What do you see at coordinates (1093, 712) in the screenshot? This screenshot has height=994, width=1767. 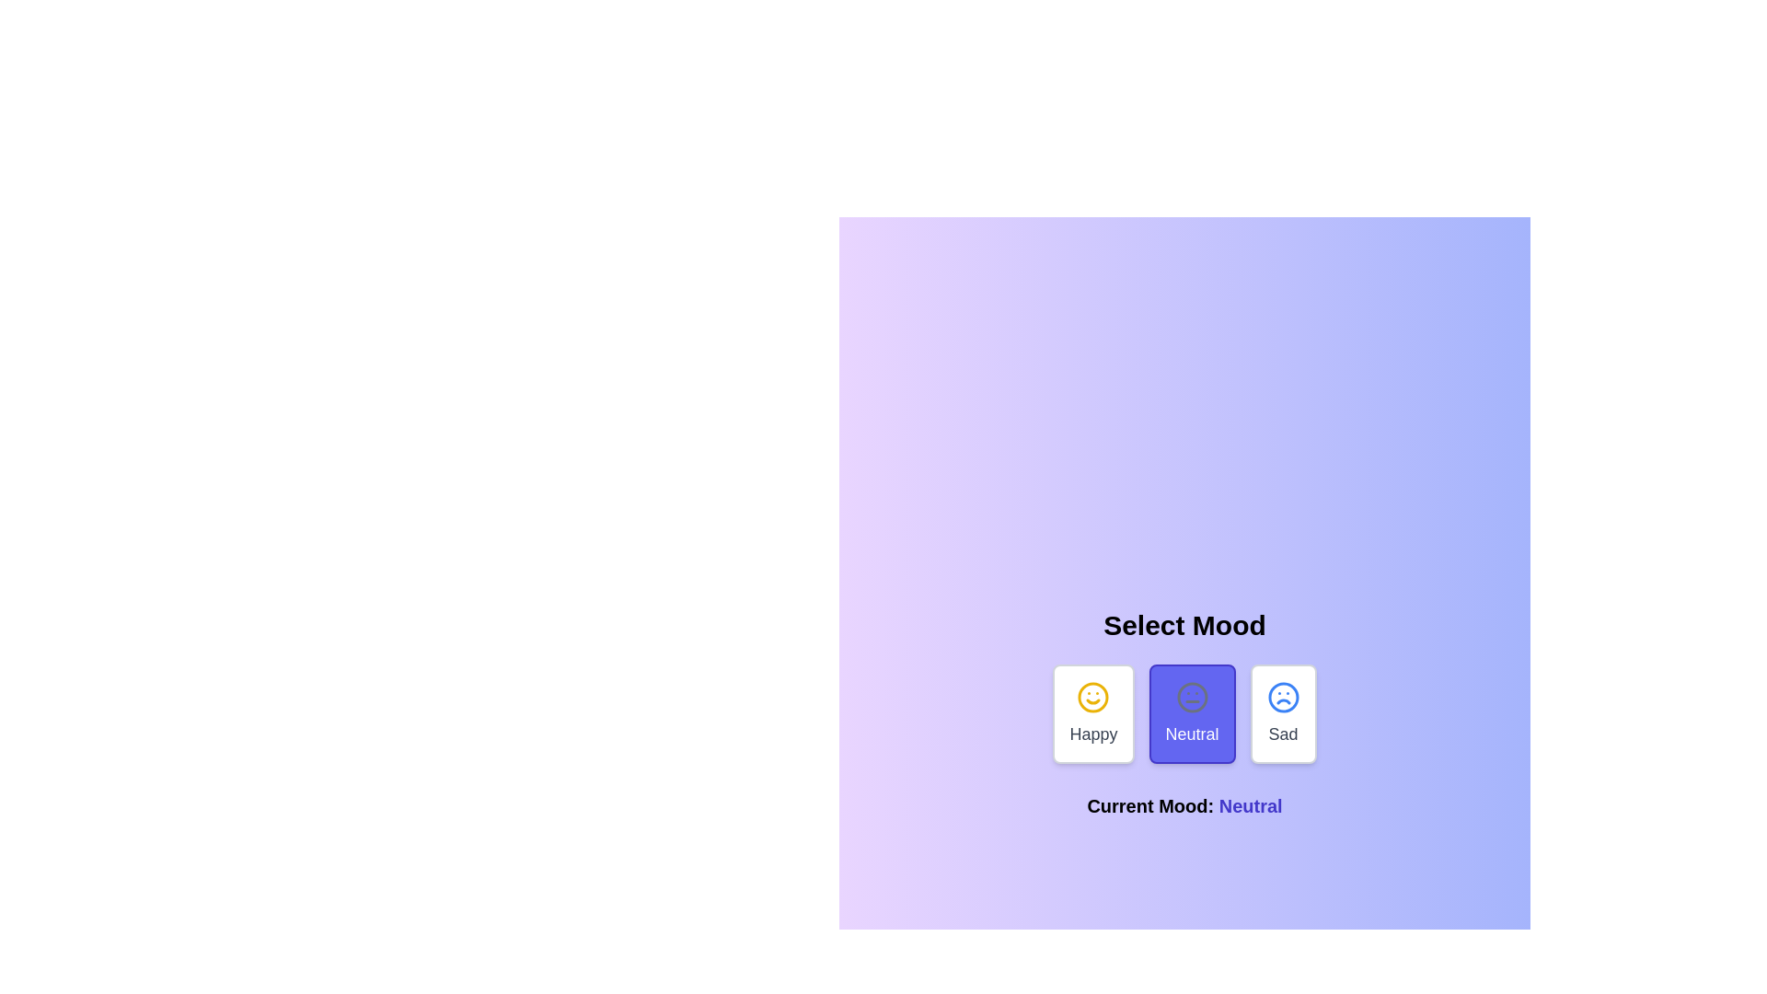 I see `the mood option Happy to see its hover effect` at bounding box center [1093, 712].